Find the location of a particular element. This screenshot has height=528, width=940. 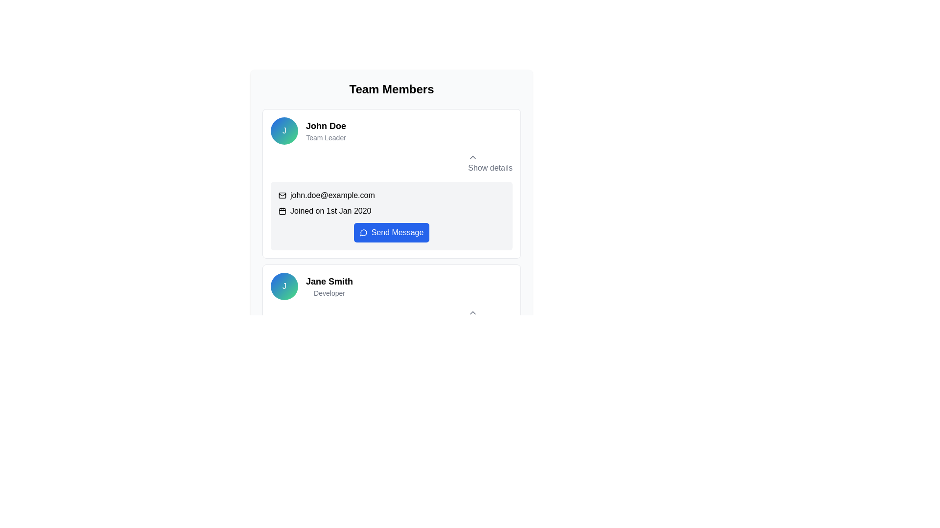

the calendar icon that visually indicates the joining date, located at the beginning of the text 'Joined on 1st Jan 2020.' is located at coordinates (282, 211).